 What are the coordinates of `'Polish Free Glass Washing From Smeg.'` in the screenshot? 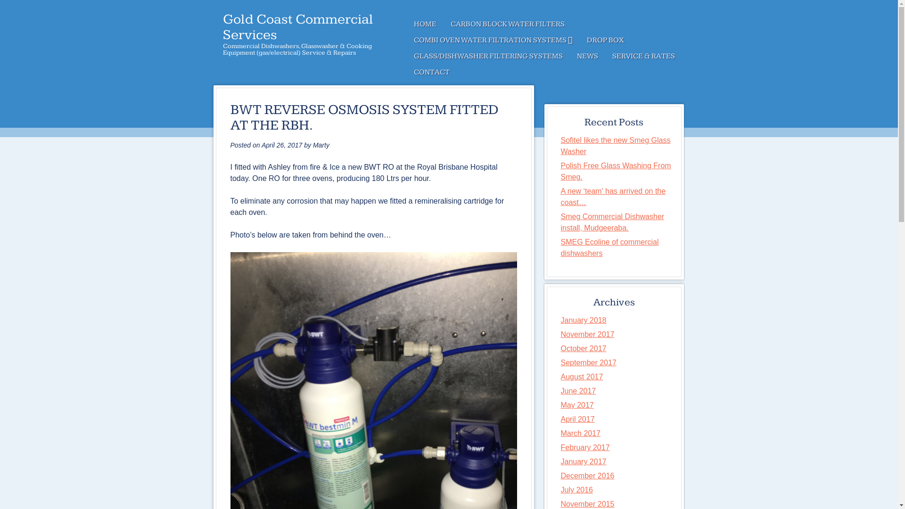 It's located at (616, 171).